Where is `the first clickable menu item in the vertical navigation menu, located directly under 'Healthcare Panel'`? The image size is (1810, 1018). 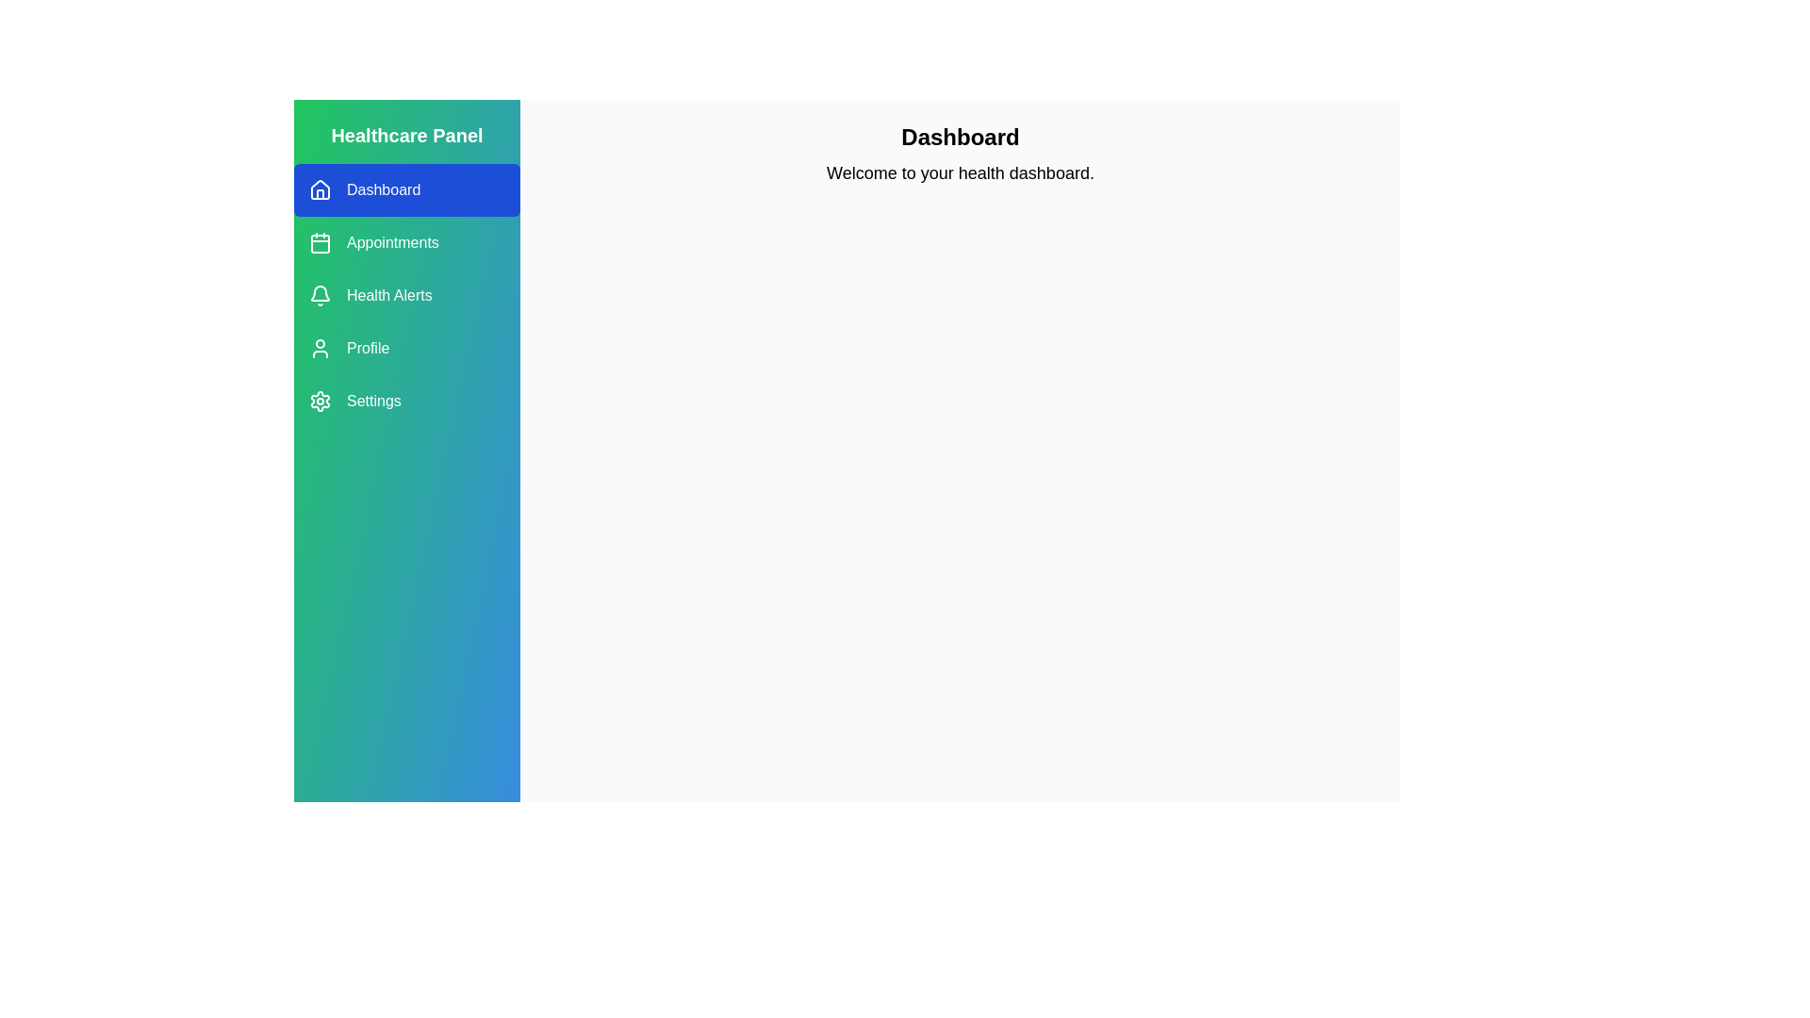 the first clickable menu item in the vertical navigation menu, located directly under 'Healthcare Panel' is located at coordinates (406, 189).